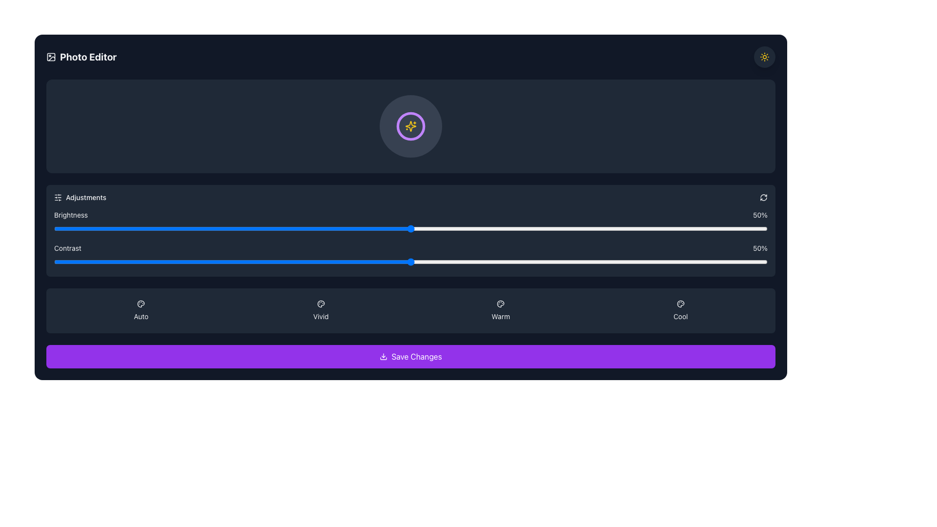 Image resolution: width=937 pixels, height=527 pixels. What do you see at coordinates (51, 57) in the screenshot?
I see `the decorative icon representing the photo editing functionality located to the left of the 'Photo Editor' text in the top row of the interface header` at bounding box center [51, 57].